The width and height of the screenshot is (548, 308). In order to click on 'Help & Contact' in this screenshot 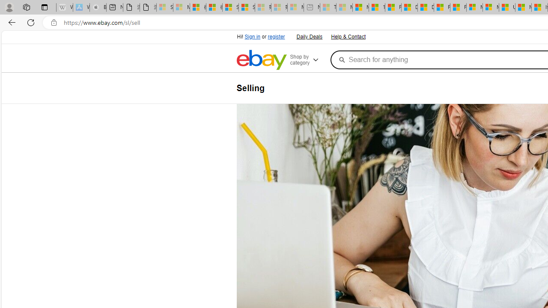, I will do `click(348, 36)`.